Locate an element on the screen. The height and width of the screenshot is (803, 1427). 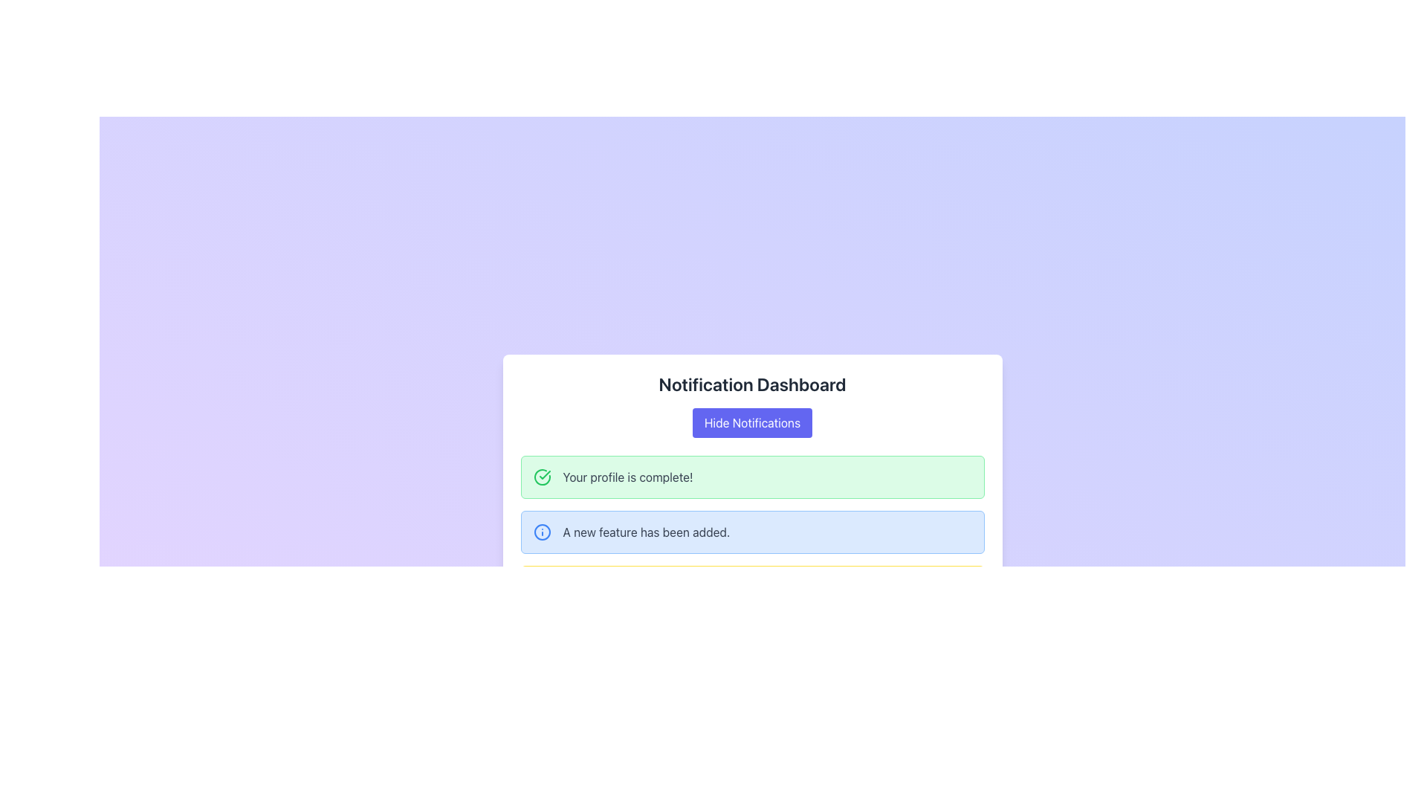
the second notification card in the vertical list, which informs the user about the addition of a new feature, located below 'Your profile is complete!' and above 'You have new notifications.' is located at coordinates (752, 559).